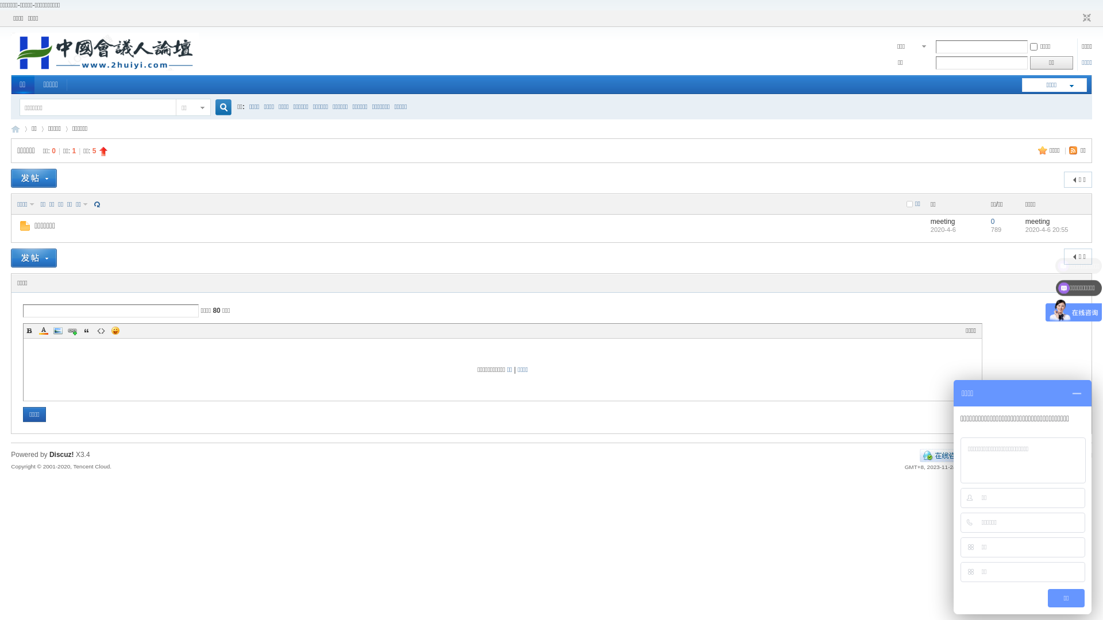 The height and width of the screenshot is (620, 1103). I want to click on 'Color', so click(44, 330).